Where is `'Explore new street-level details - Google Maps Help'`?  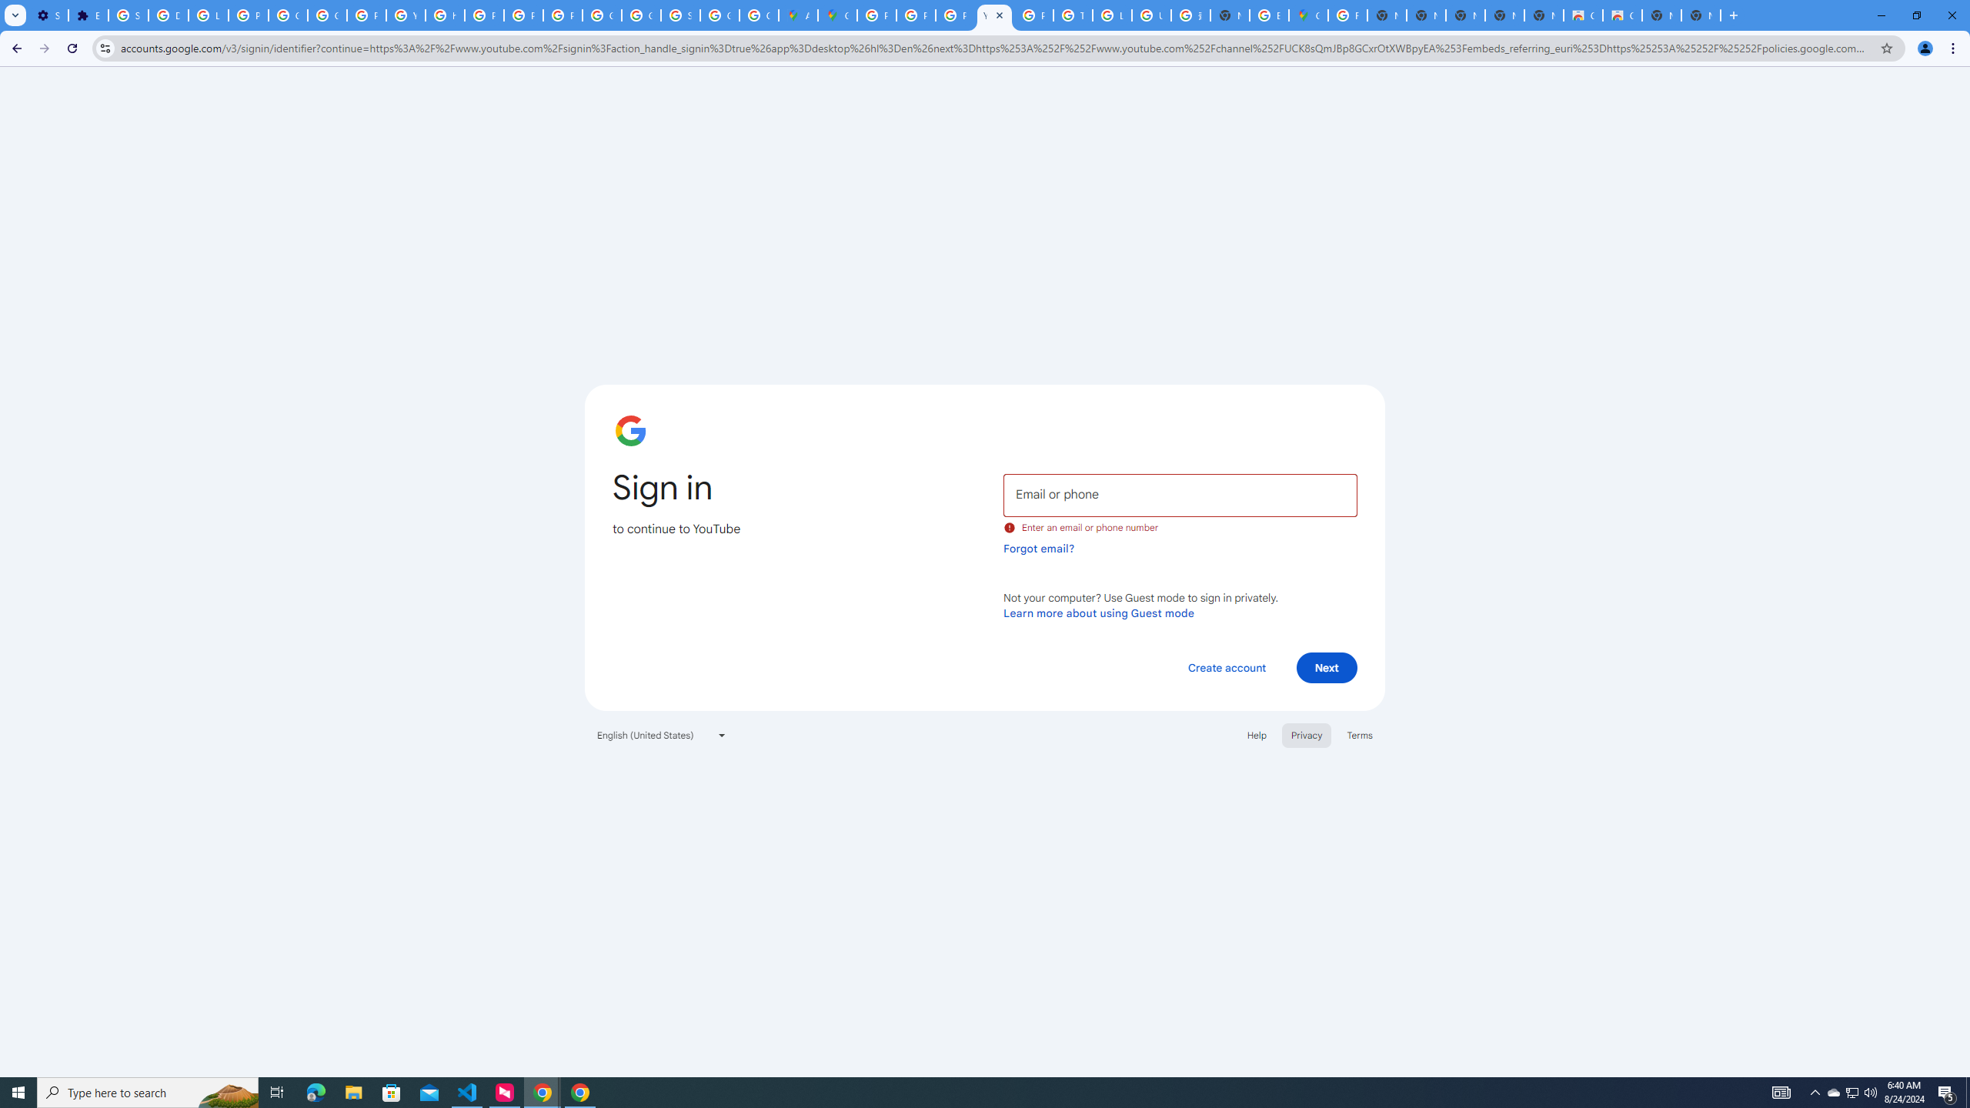
'Explore new street-level details - Google Maps Help' is located at coordinates (1268, 15).